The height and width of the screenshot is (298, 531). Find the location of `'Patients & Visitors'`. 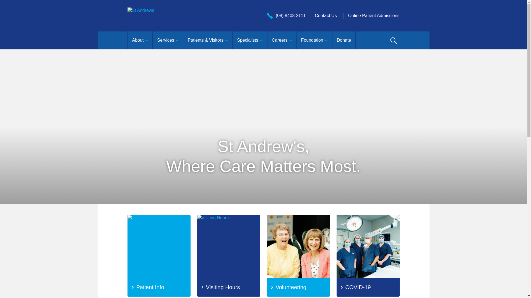

'Patients & Visitors' is located at coordinates (207, 40).